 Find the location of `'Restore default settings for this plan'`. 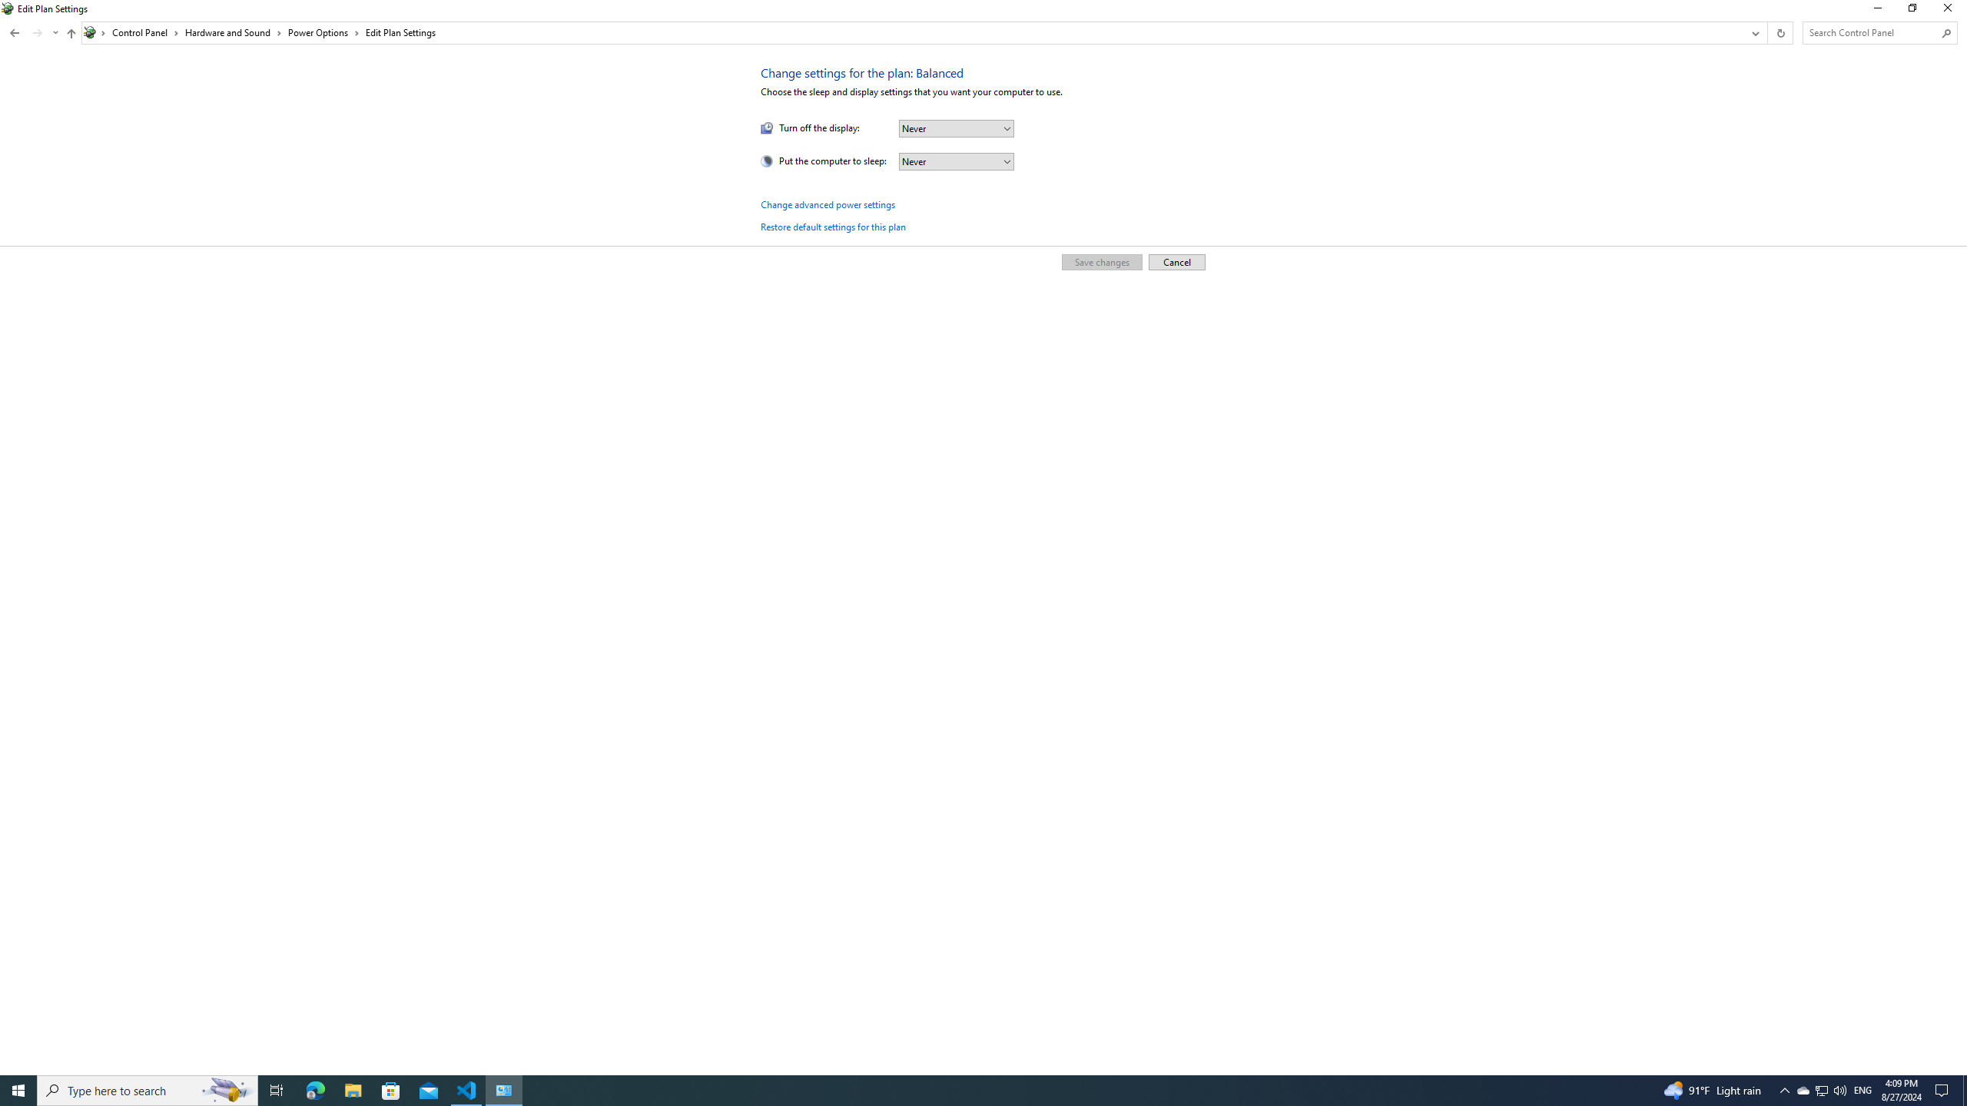

'Restore default settings for this plan' is located at coordinates (833, 226).